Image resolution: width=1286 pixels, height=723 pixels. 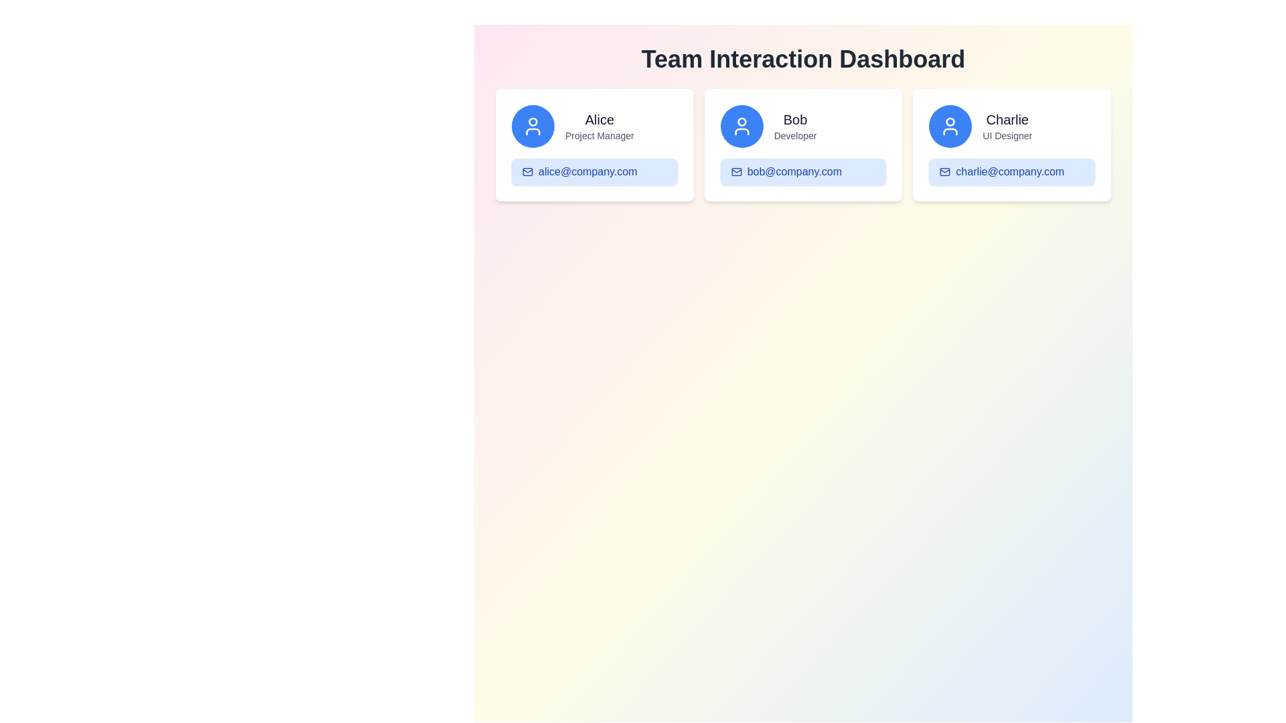 I want to click on the badge button displaying 'charlie@company.com' with a blue background and mail icon, located in the card for 'Charlie', the UI Designer, so click(x=1012, y=171).